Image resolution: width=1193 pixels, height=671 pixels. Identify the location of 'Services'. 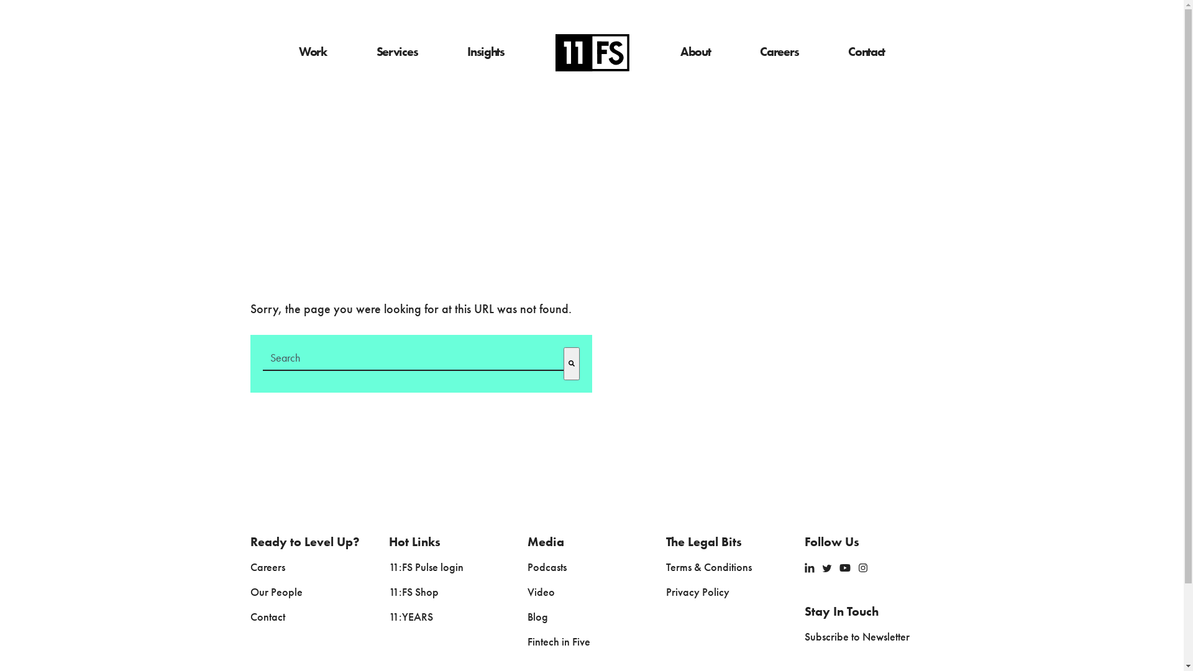
(396, 52).